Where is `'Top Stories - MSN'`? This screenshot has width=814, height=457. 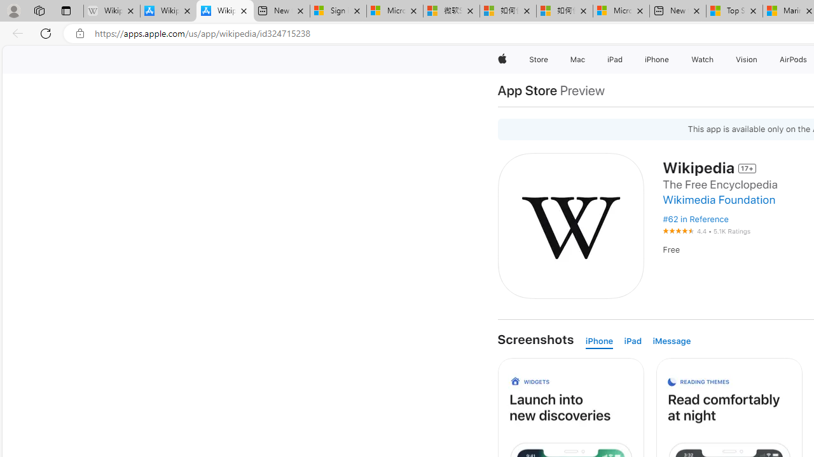
'Top Stories - MSN' is located at coordinates (735, 11).